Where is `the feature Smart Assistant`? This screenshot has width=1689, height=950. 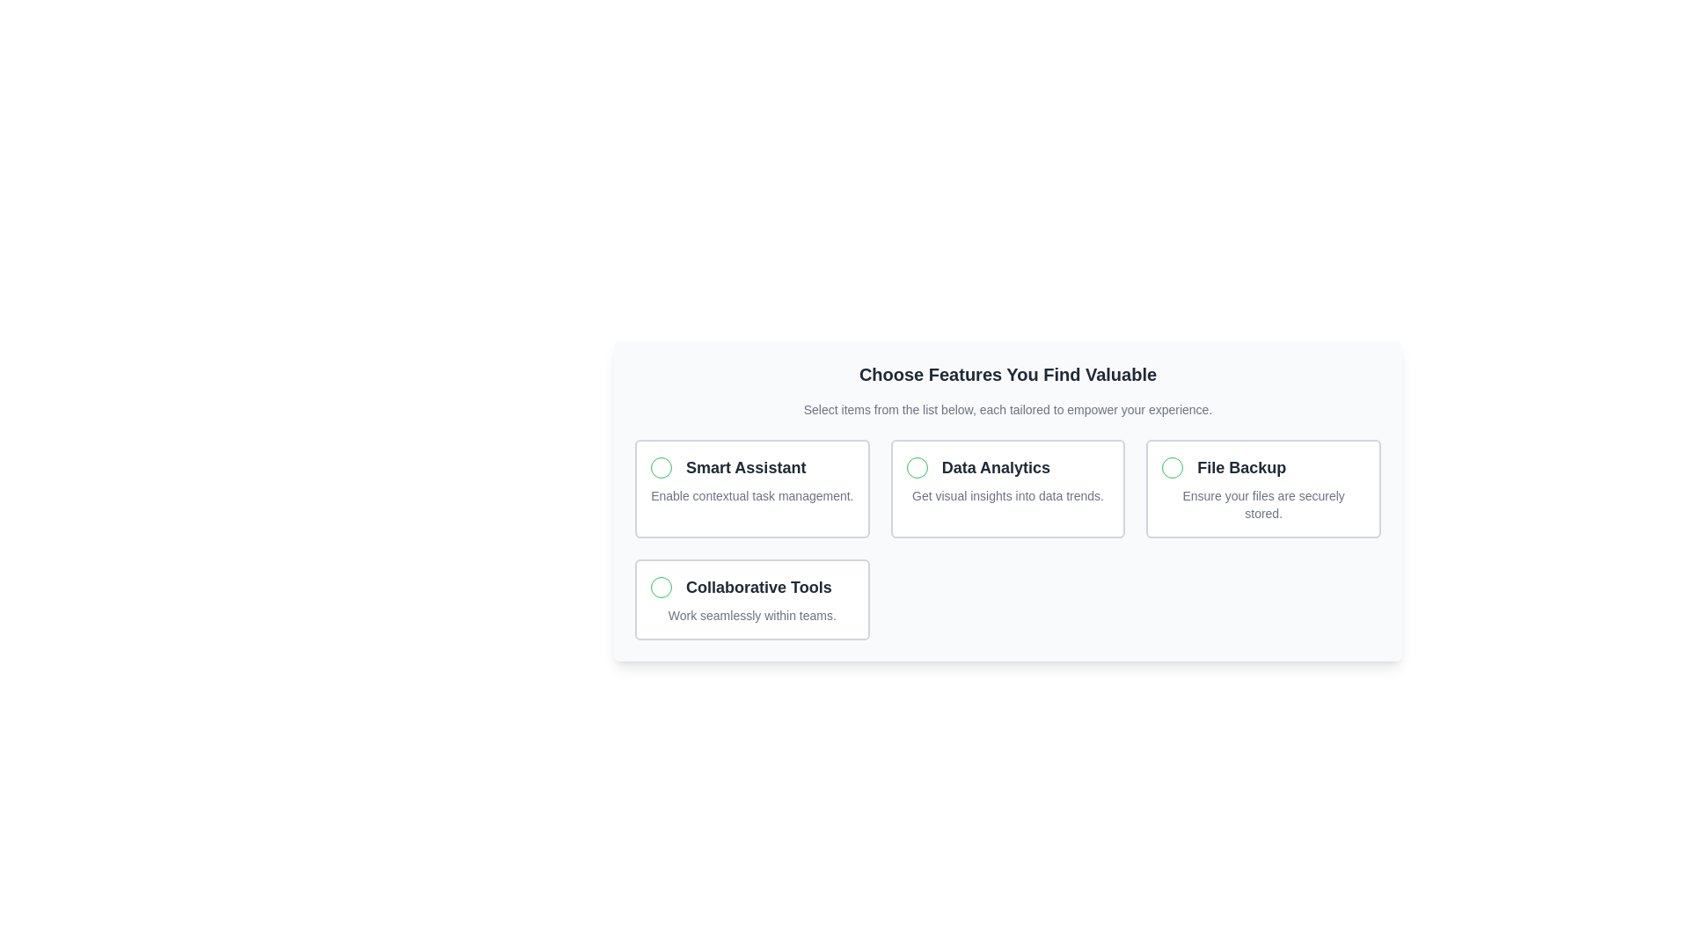 the feature Smart Assistant is located at coordinates (751, 488).